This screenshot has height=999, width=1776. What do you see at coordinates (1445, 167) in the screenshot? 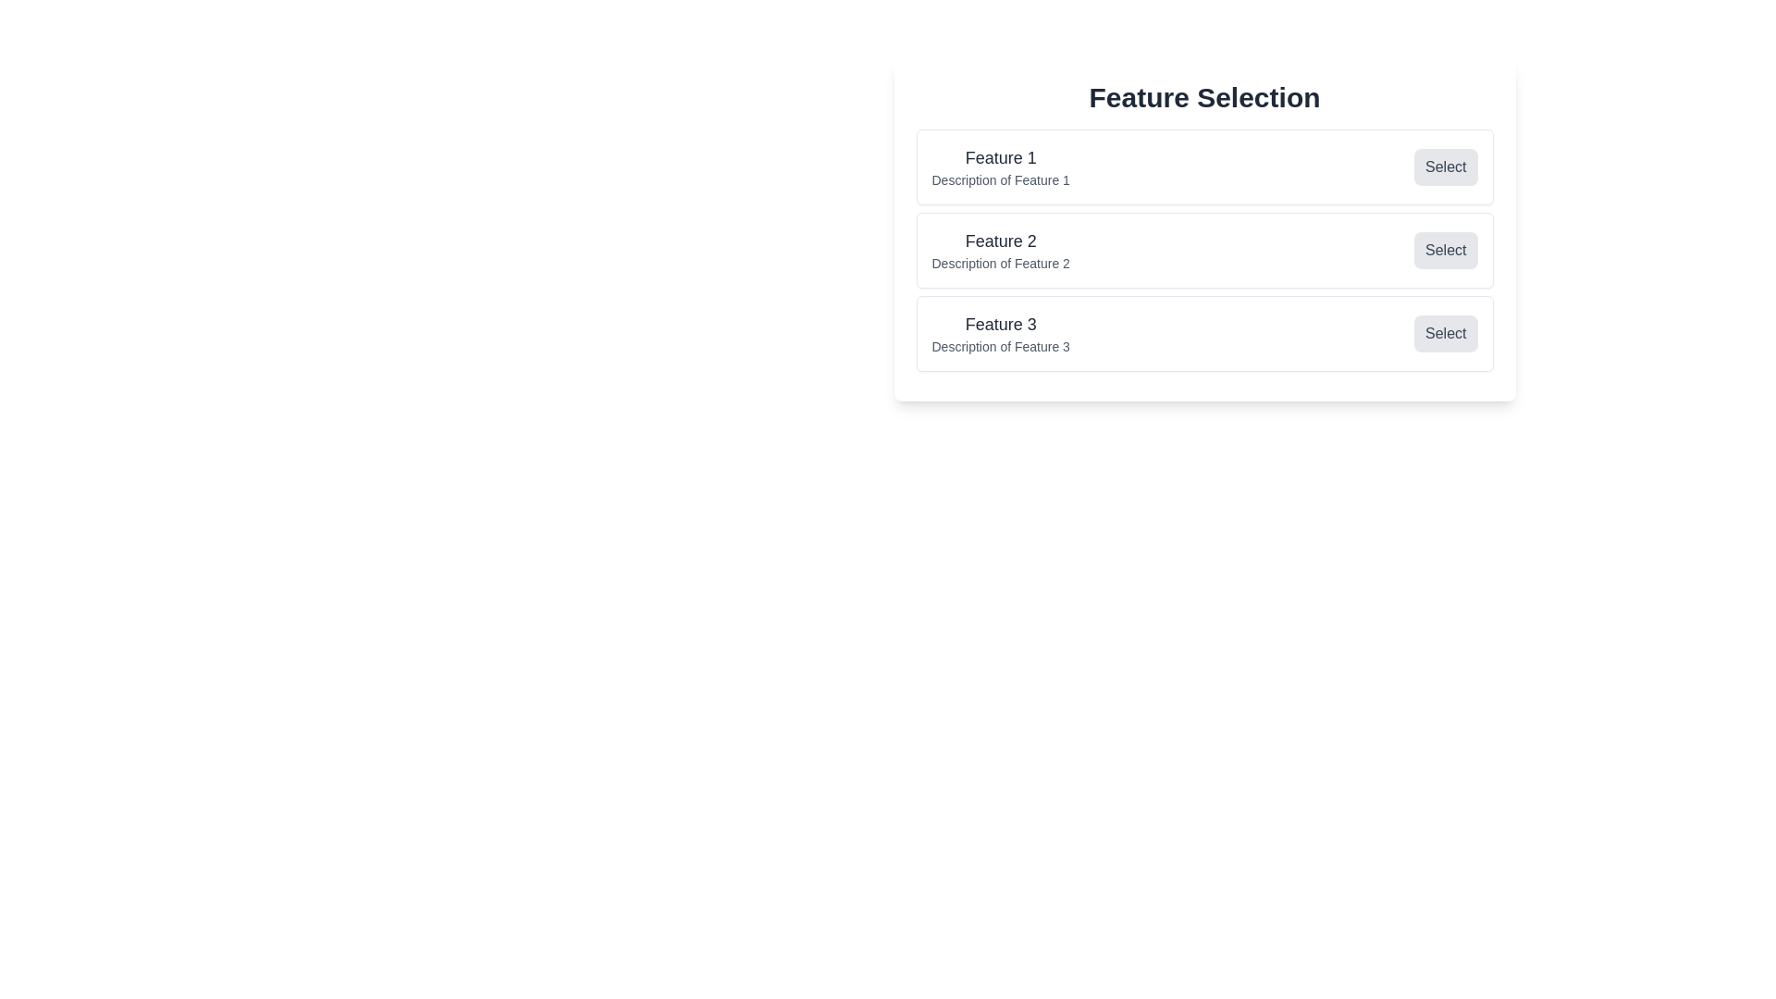
I see `the 'Select' button with rounded corners and a light gray background, located at the rightmost end of the row for 'Feature 1'` at bounding box center [1445, 167].